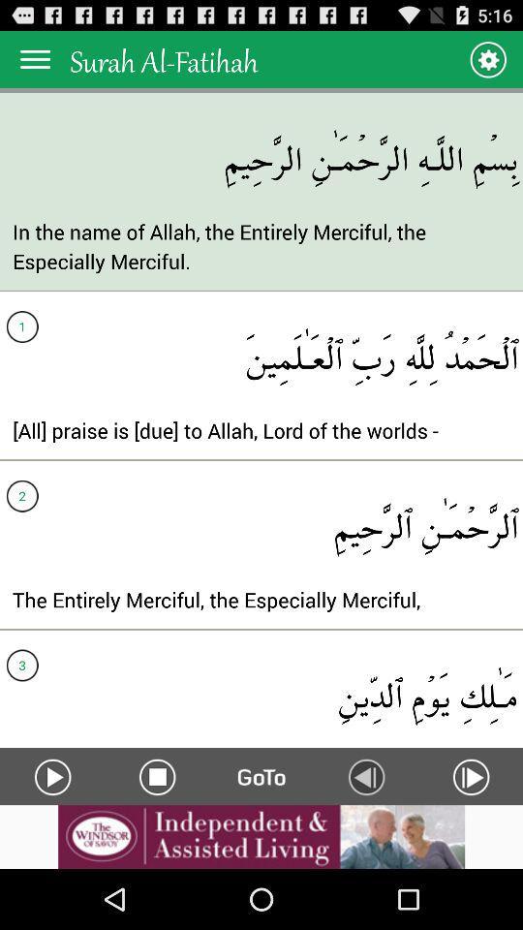 This screenshot has width=523, height=930. Describe the element at coordinates (52, 830) in the screenshot. I see `the play icon` at that location.